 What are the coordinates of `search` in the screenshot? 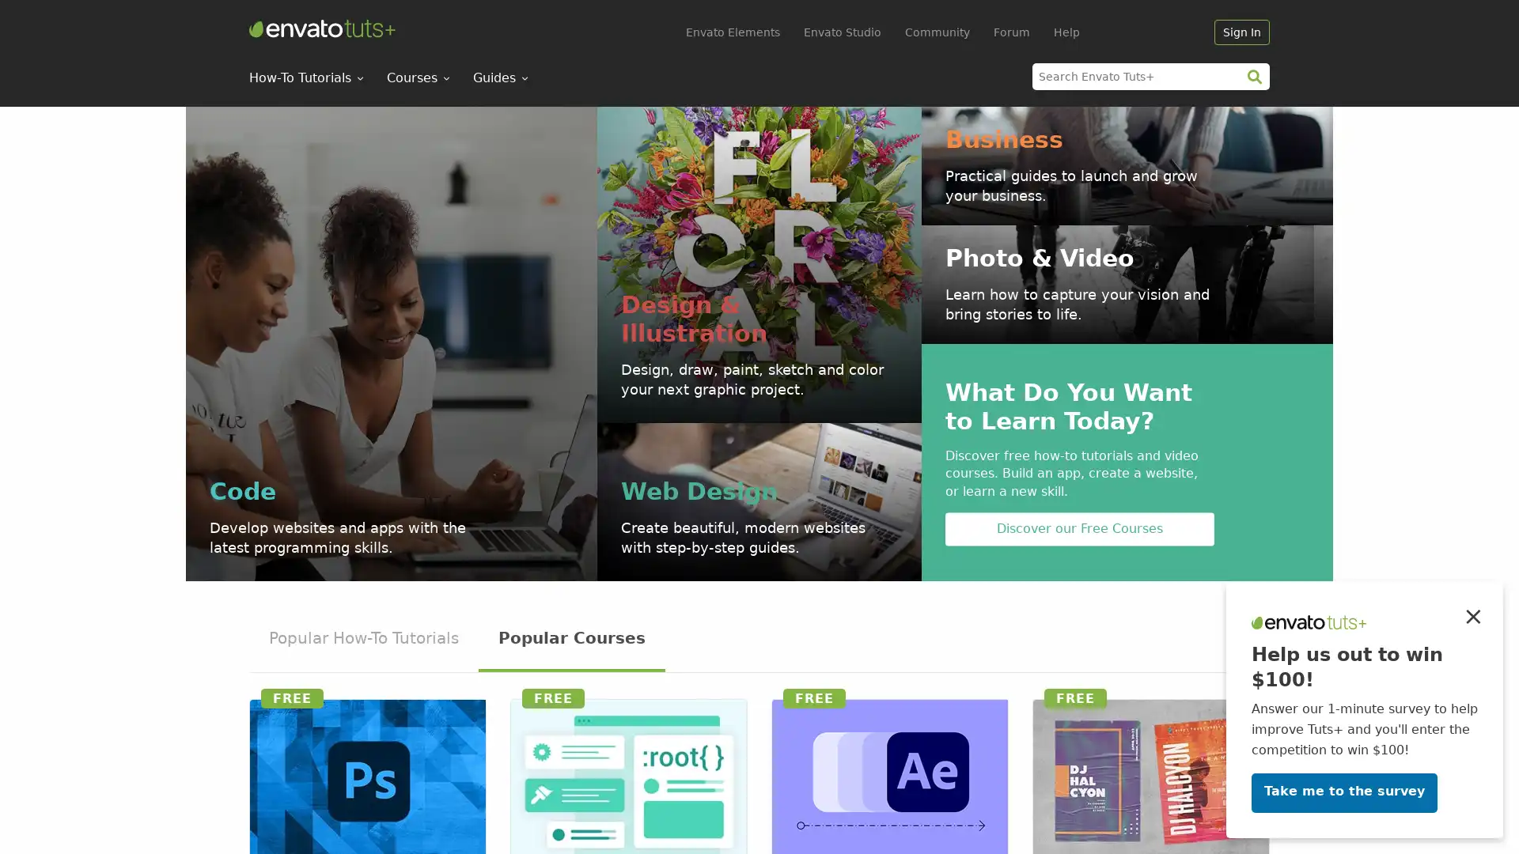 It's located at (1253, 76).